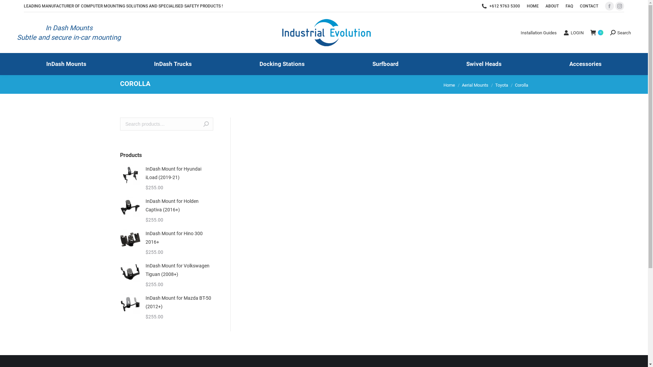 This screenshot has height=367, width=653. Describe the element at coordinates (504, 6) in the screenshot. I see `'+612 9763 5300'` at that location.